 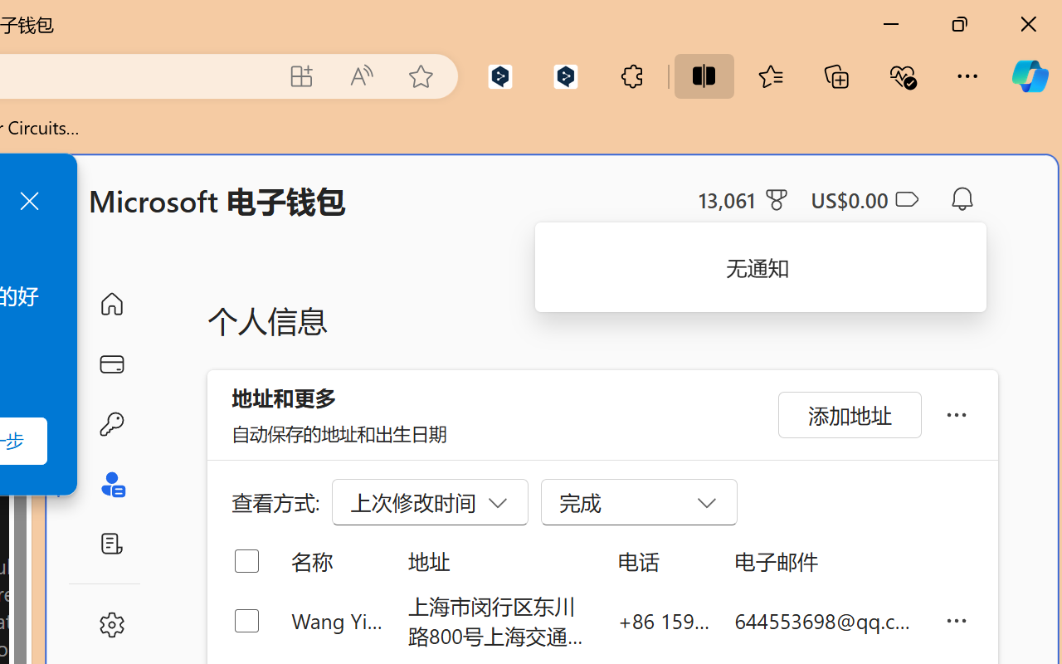 I want to click on 'Microsoft Cashback - US$0.00', so click(x=863, y=198).